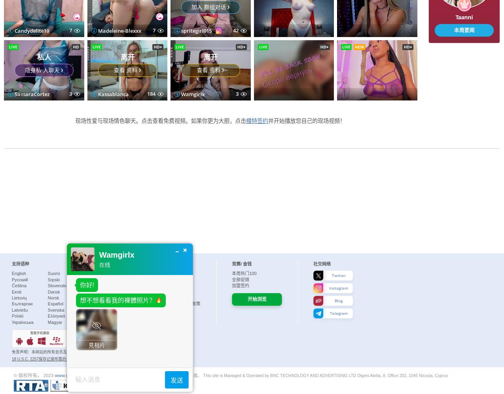  Describe the element at coordinates (181, 30) in the screenshot. I see `'SamaraCortez'` at that location.